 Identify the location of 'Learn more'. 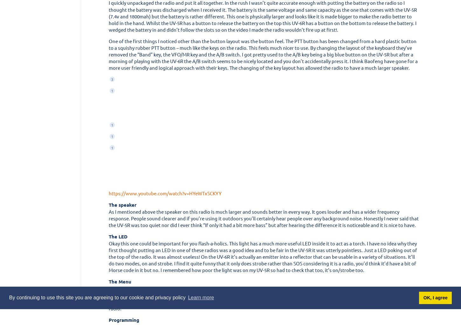
(201, 297).